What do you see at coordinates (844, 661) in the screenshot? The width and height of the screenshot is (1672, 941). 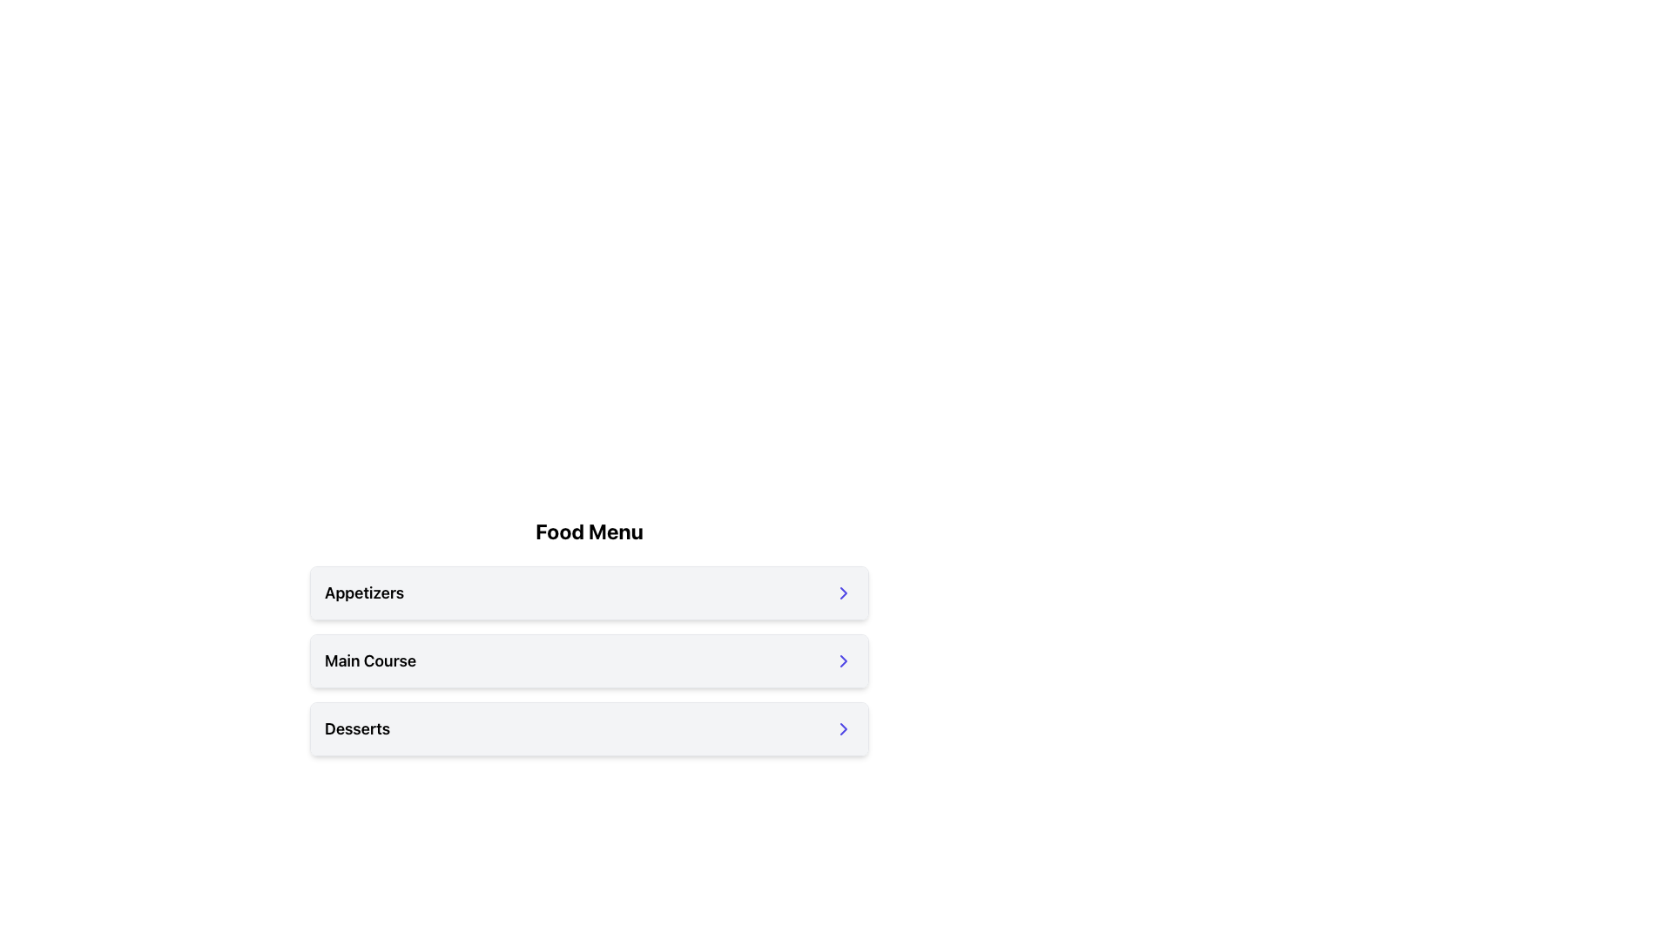 I see `the visual indicator icon located at the far right of the 'Main Course' menu item in the 'Food Menu' list` at bounding box center [844, 661].